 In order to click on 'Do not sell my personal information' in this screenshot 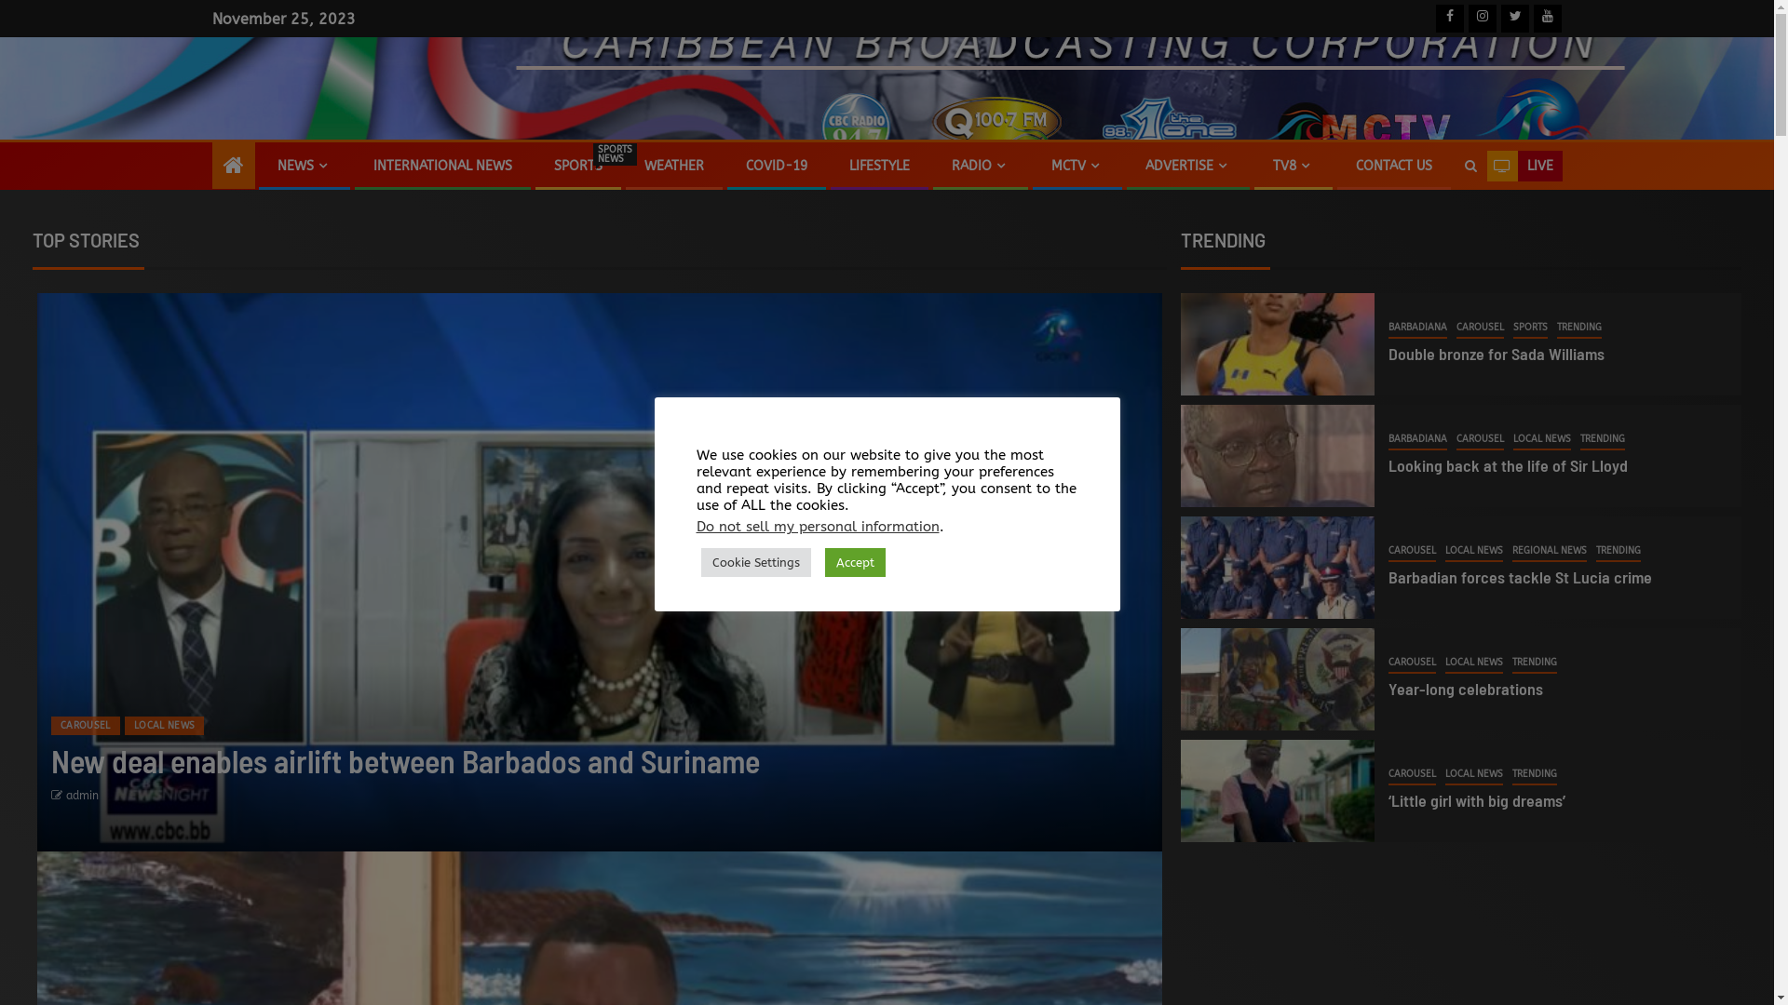, I will do `click(818, 527)`.